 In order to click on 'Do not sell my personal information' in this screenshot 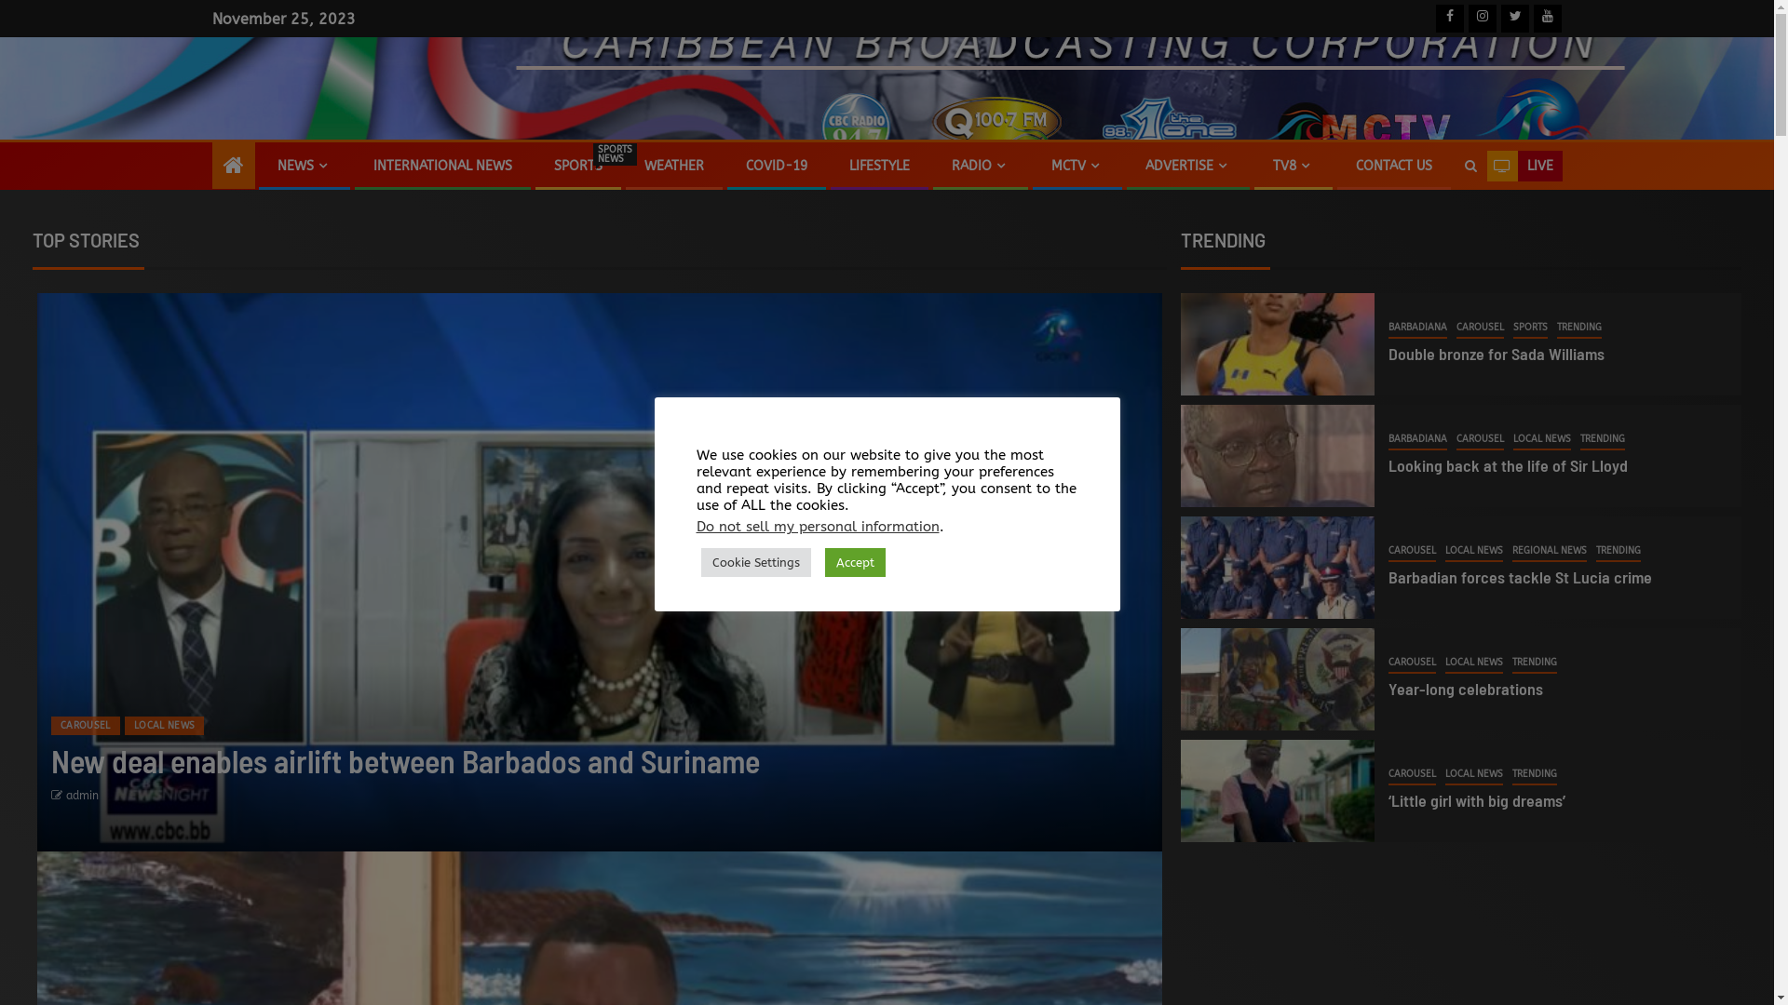, I will do `click(818, 527)`.